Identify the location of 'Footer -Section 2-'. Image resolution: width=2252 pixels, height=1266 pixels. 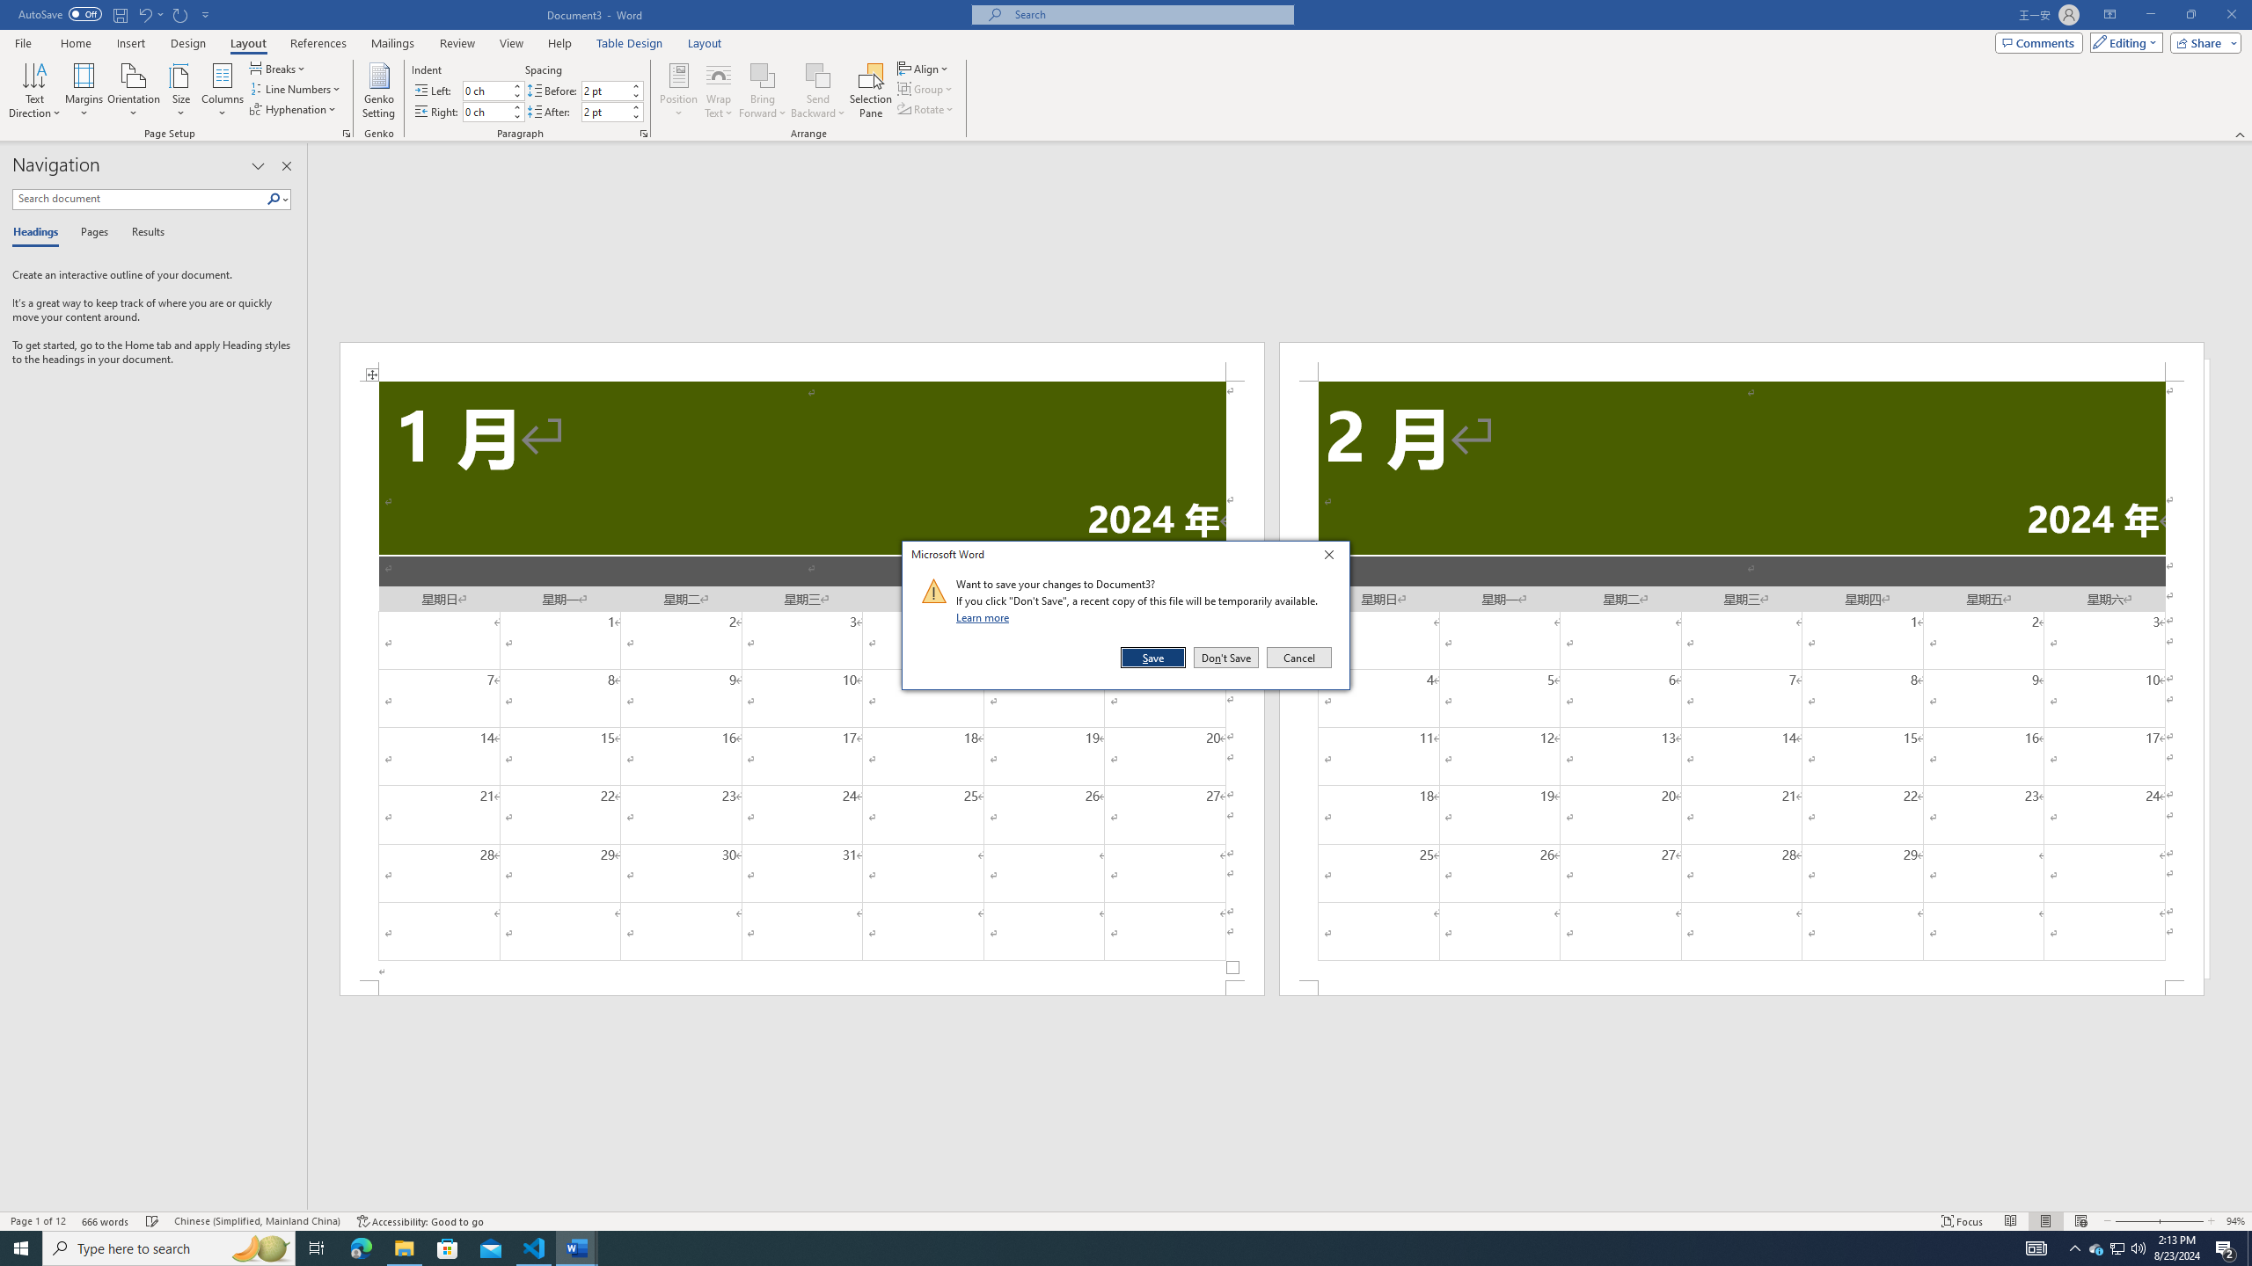
(1742, 986).